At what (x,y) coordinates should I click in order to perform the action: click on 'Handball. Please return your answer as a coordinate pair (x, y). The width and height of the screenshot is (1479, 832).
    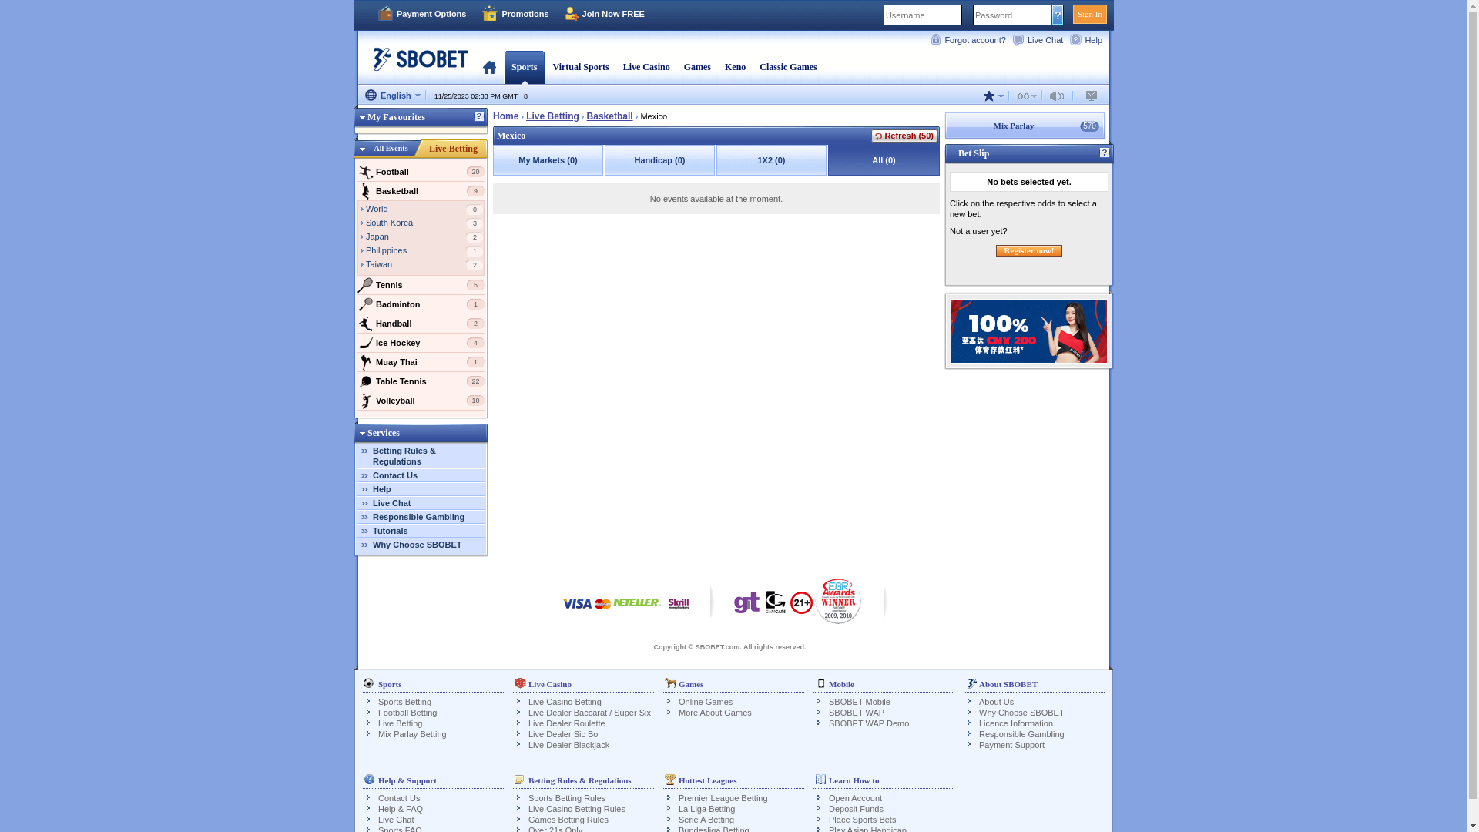
    Looking at the image, I should click on (421, 323).